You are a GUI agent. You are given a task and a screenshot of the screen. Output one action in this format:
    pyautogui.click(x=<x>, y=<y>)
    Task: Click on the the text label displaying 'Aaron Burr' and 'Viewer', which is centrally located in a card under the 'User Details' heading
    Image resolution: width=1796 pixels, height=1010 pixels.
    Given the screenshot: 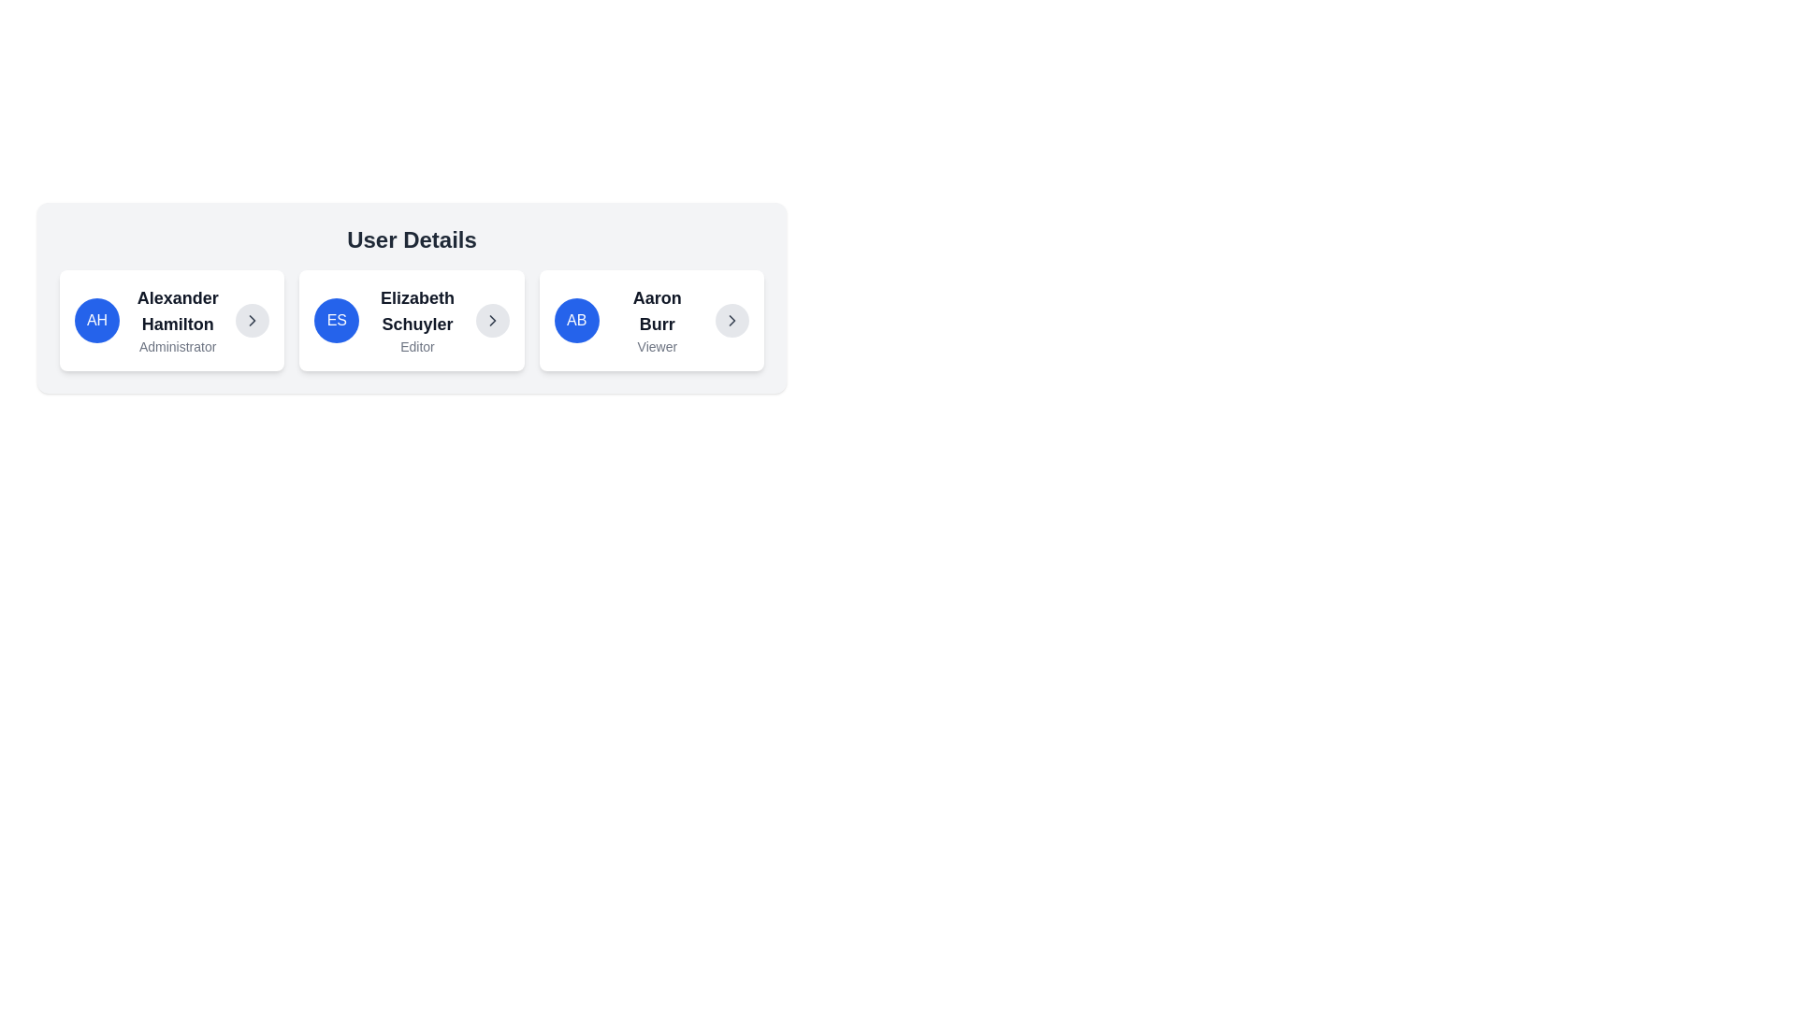 What is the action you would take?
    pyautogui.click(x=657, y=320)
    